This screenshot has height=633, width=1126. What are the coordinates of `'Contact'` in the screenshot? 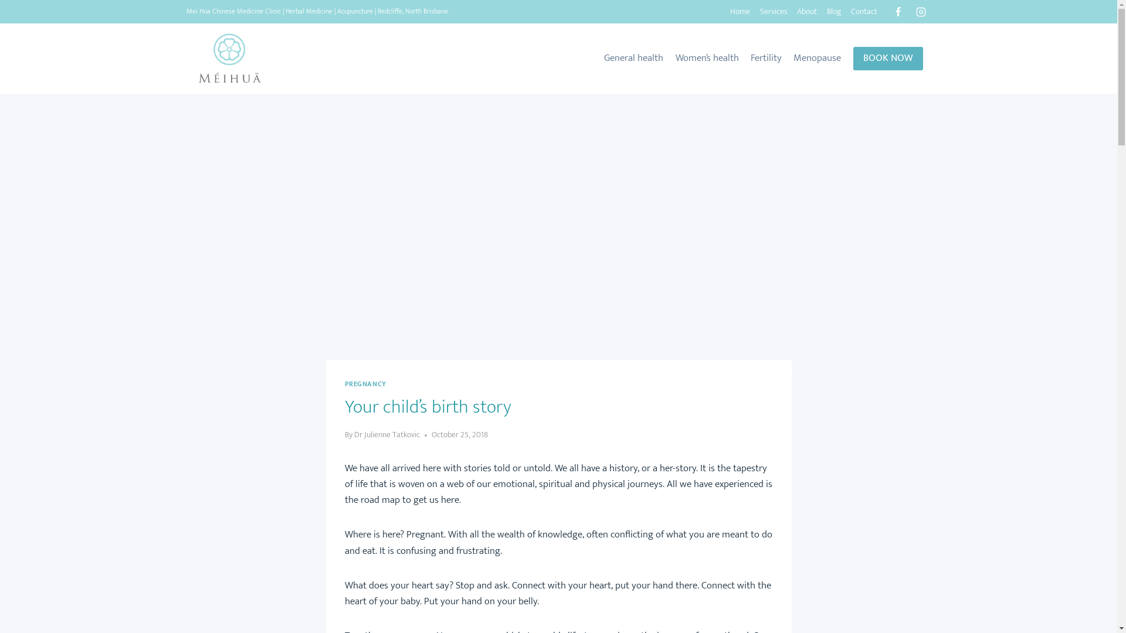 It's located at (864, 12).